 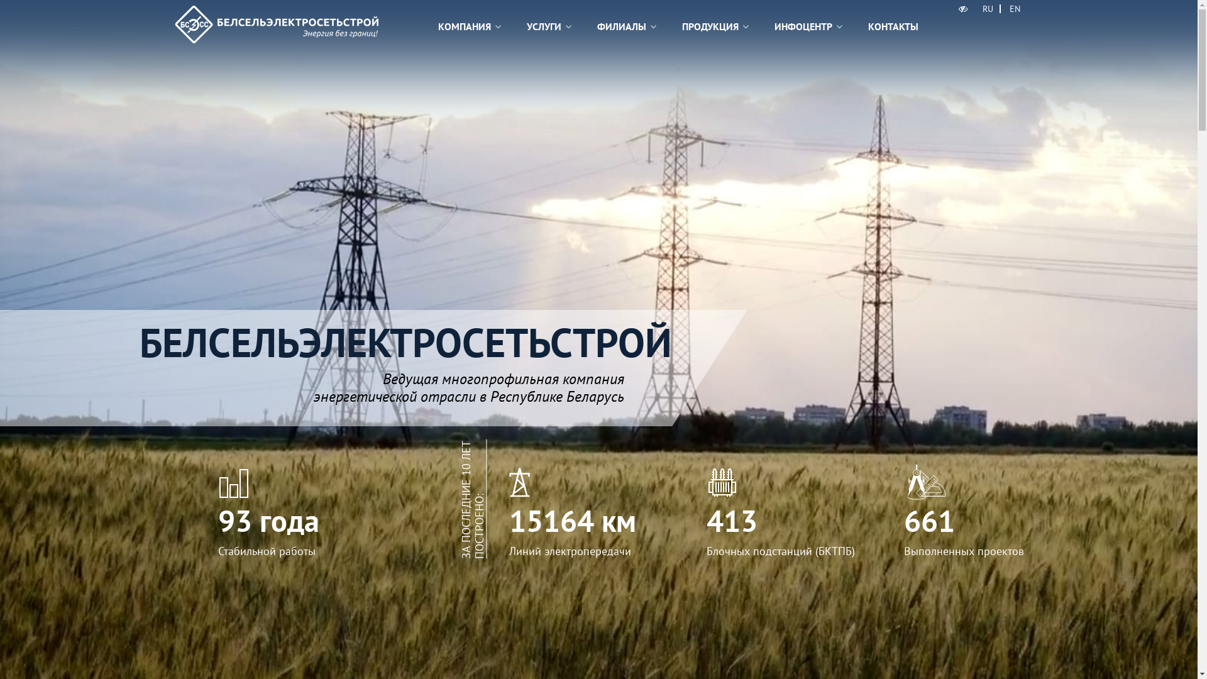 What do you see at coordinates (1003, 9) in the screenshot?
I see `'EN'` at bounding box center [1003, 9].